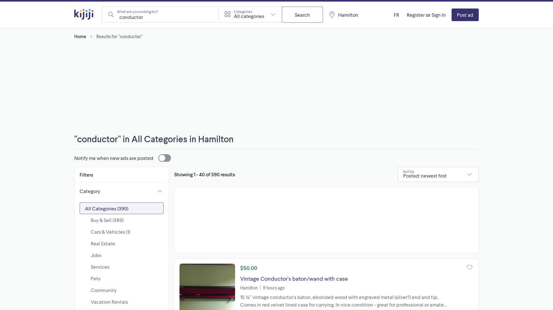 This screenshot has width=553, height=310. Describe the element at coordinates (110, 231) in the screenshot. I see `'Cars & Vehicles (1)'` at that location.